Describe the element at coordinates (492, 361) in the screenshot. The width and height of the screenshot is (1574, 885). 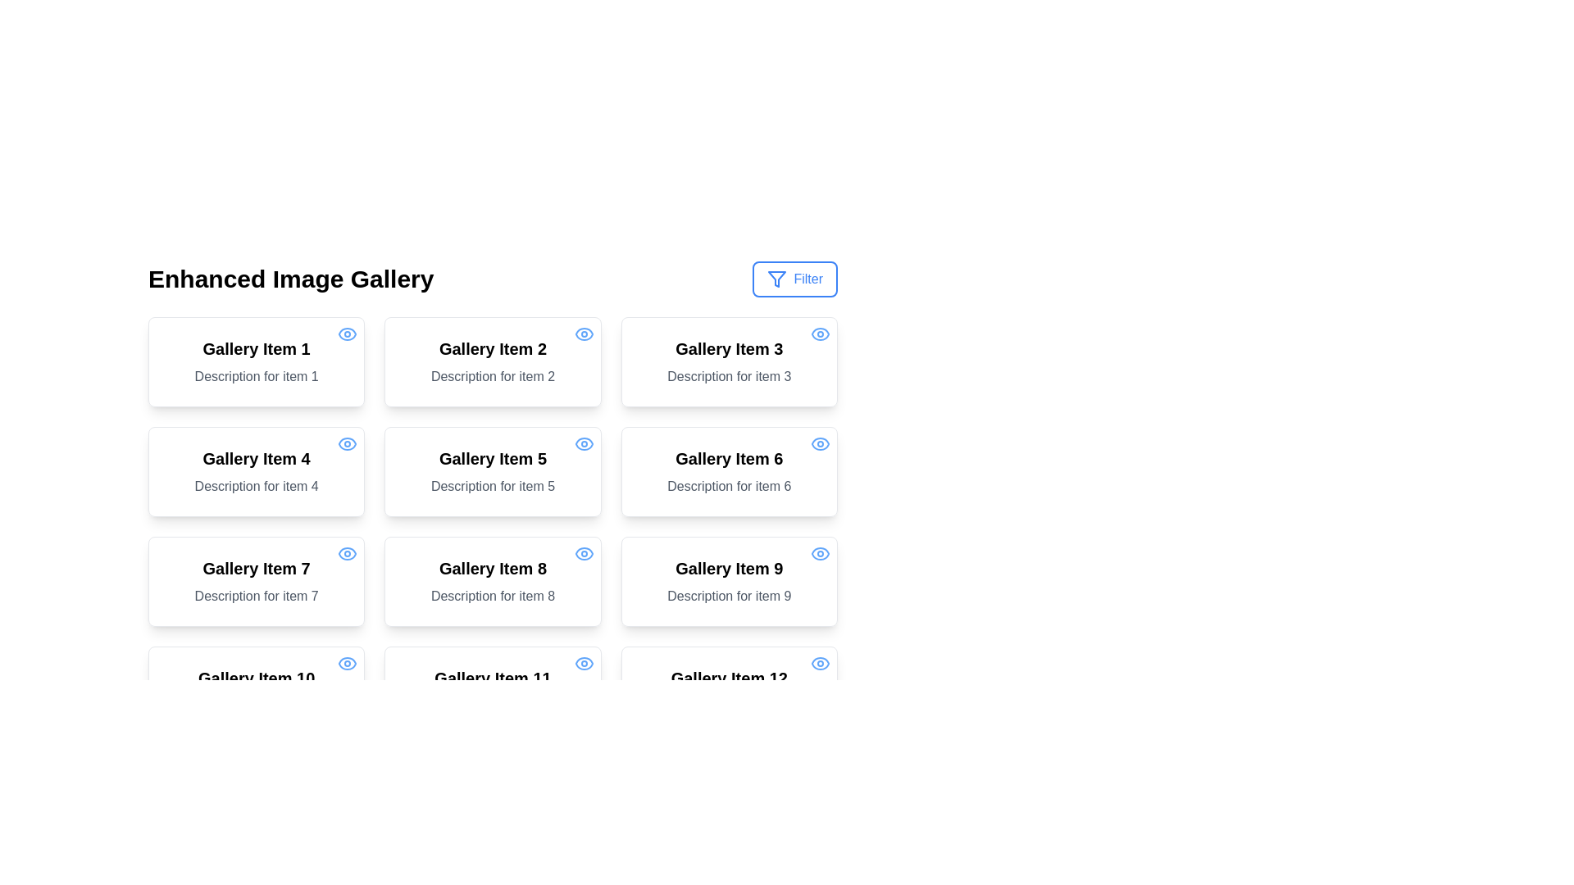
I see `the card representing an individual item` at that location.